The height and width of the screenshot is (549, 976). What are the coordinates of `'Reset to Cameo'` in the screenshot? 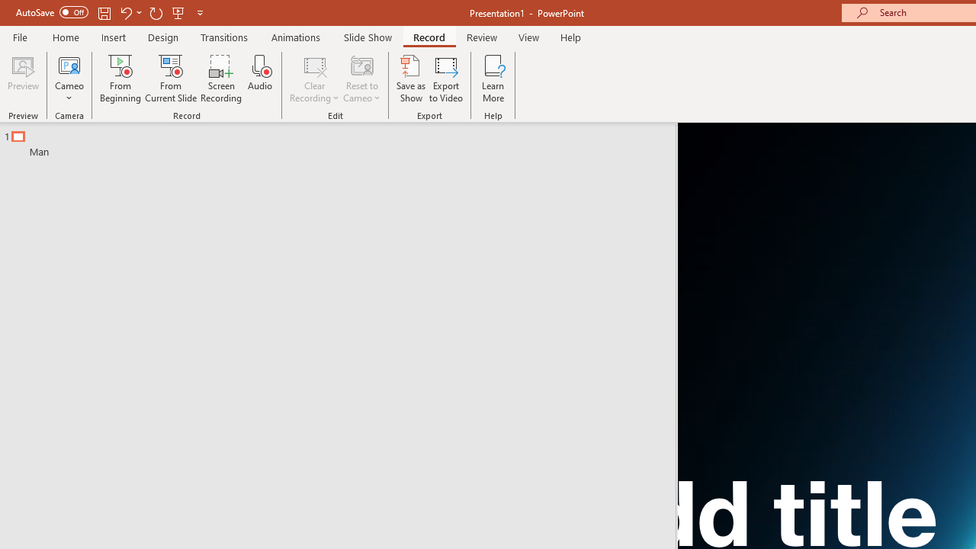 It's located at (361, 79).